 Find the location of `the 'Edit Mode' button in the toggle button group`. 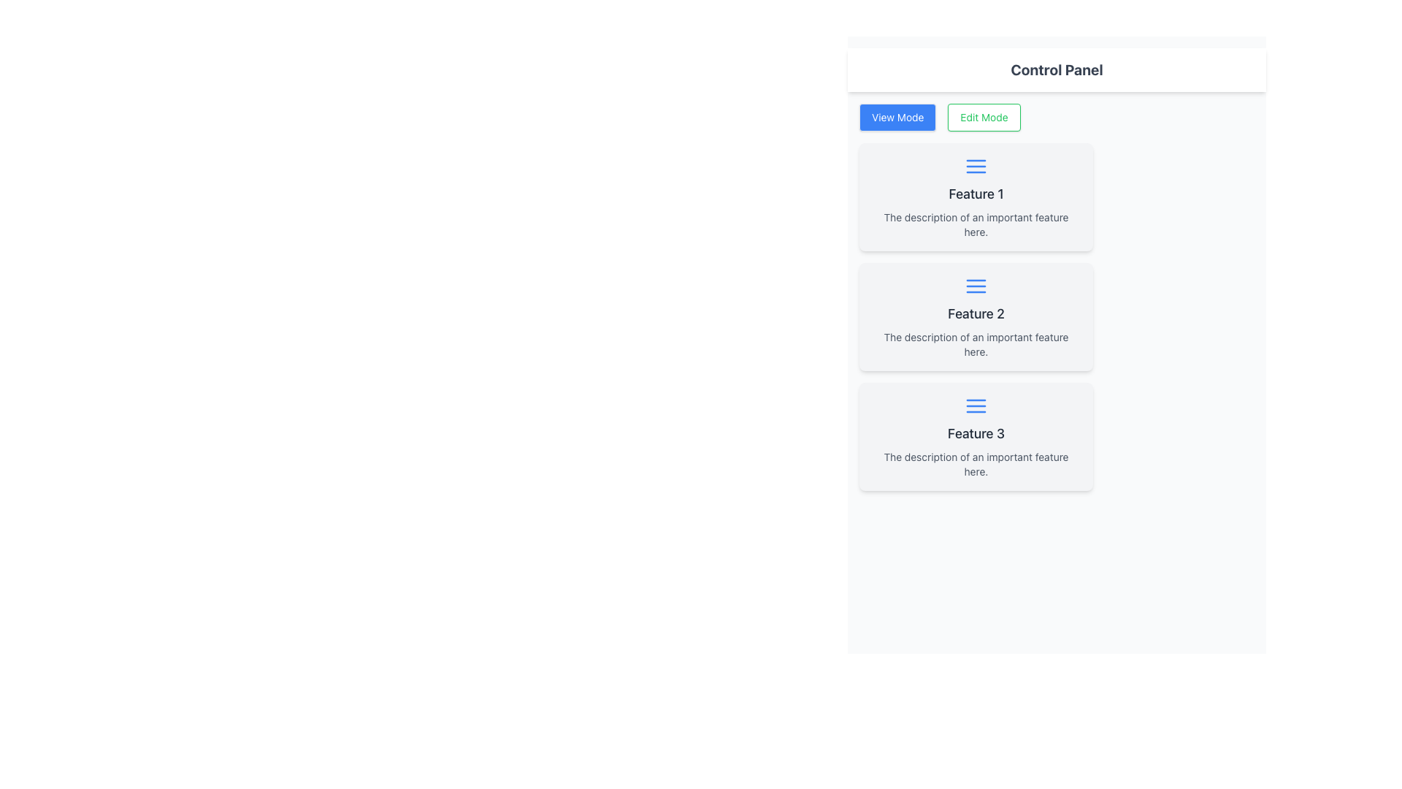

the 'Edit Mode' button in the toggle button group is located at coordinates (1057, 117).